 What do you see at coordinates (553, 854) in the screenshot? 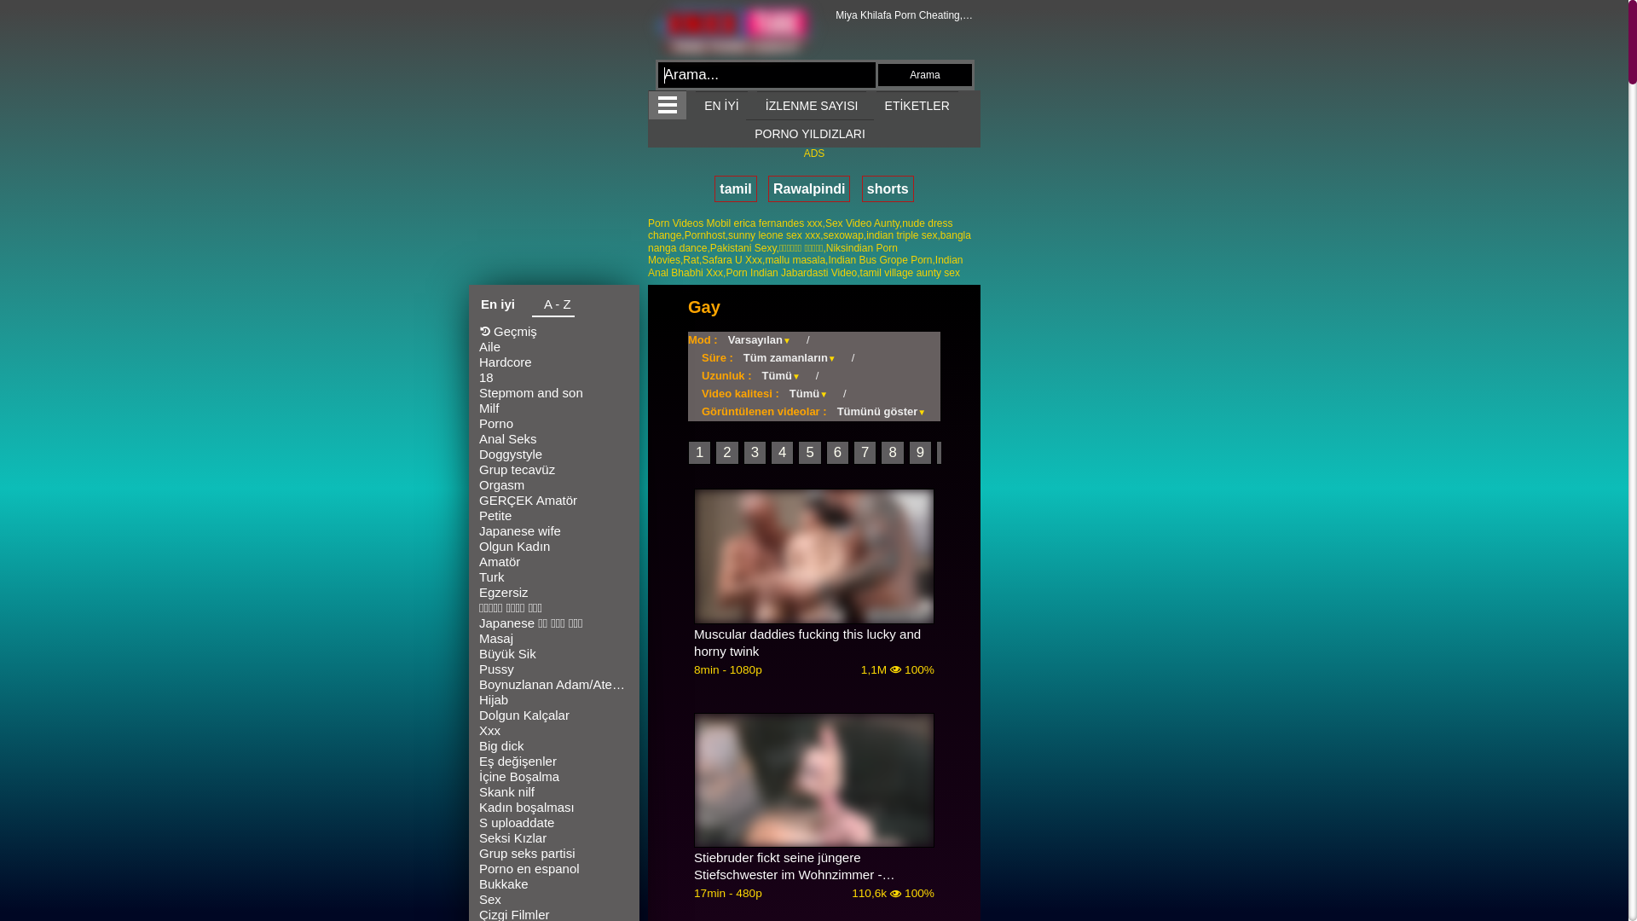
I see `'Grup seks partisi'` at bounding box center [553, 854].